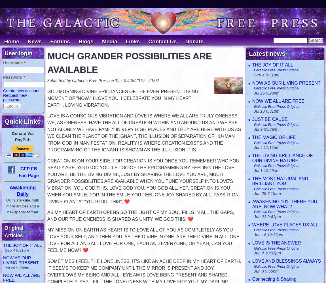 The image size is (326, 283). Describe the element at coordinates (267, 194) in the screenshot. I see `'Jun 29 7:15am'` at that location.